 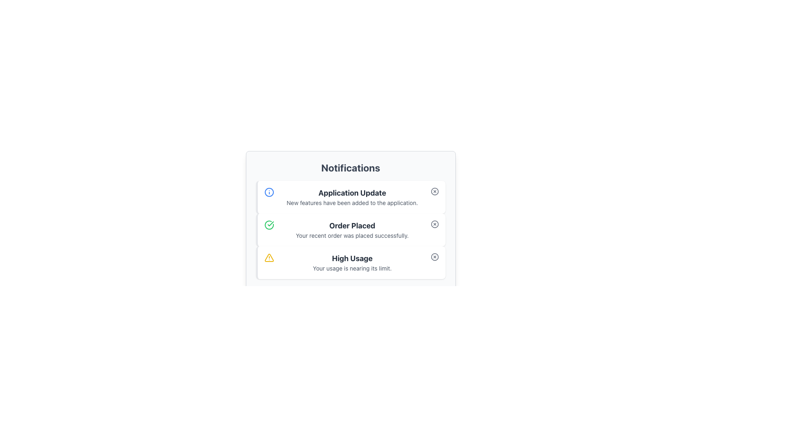 I want to click on the triangle icon that signifies an alert for the 'High Usage' notification, which is positioned within the third notification item, so click(x=269, y=257).